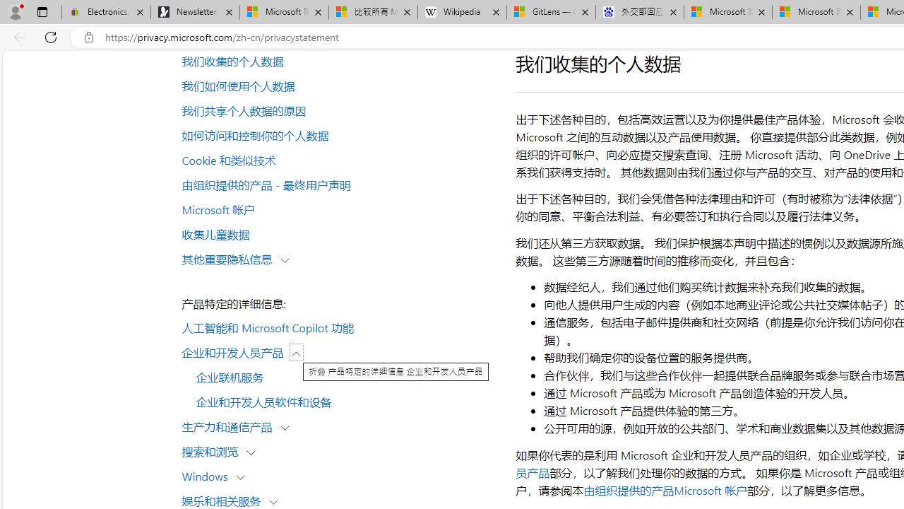 This screenshot has height=509, width=904. What do you see at coordinates (194, 12) in the screenshot?
I see `'Newsletter Sign Up'` at bounding box center [194, 12].